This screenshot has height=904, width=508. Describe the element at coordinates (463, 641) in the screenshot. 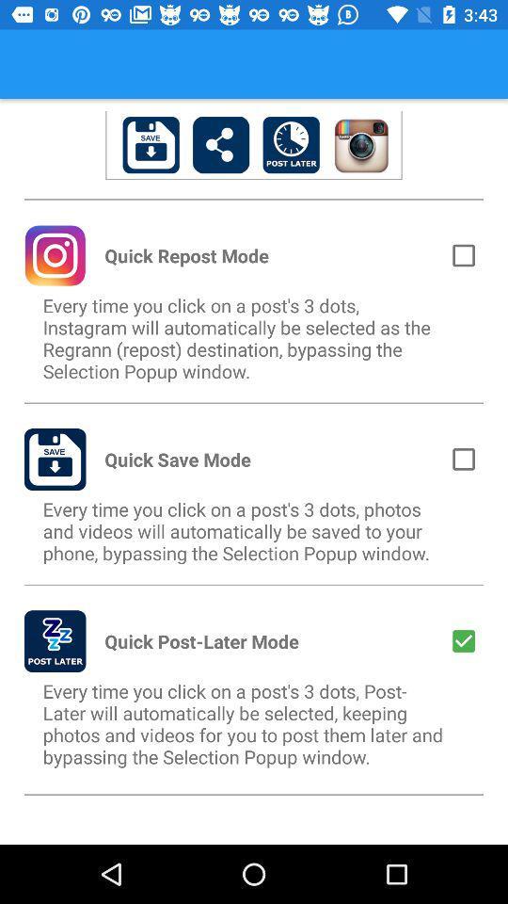

I see `the last check box` at that location.